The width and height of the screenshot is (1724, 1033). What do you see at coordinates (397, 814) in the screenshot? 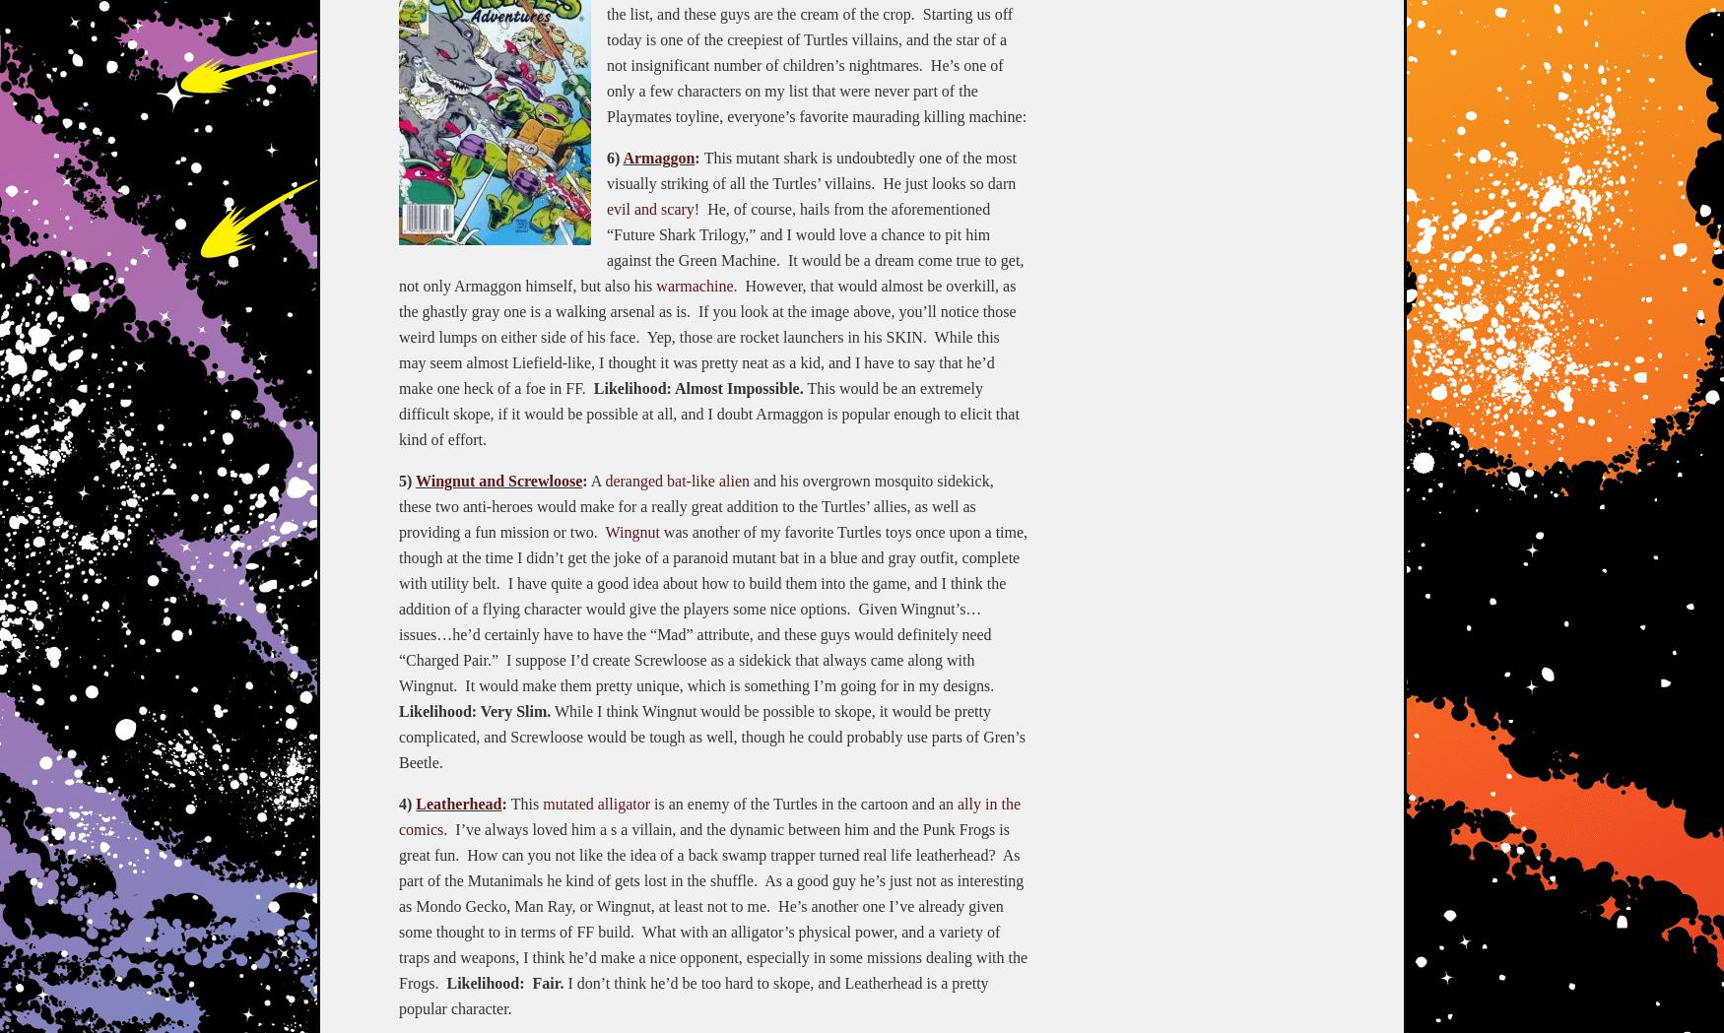
I see `'ally in the comics'` at bounding box center [397, 814].